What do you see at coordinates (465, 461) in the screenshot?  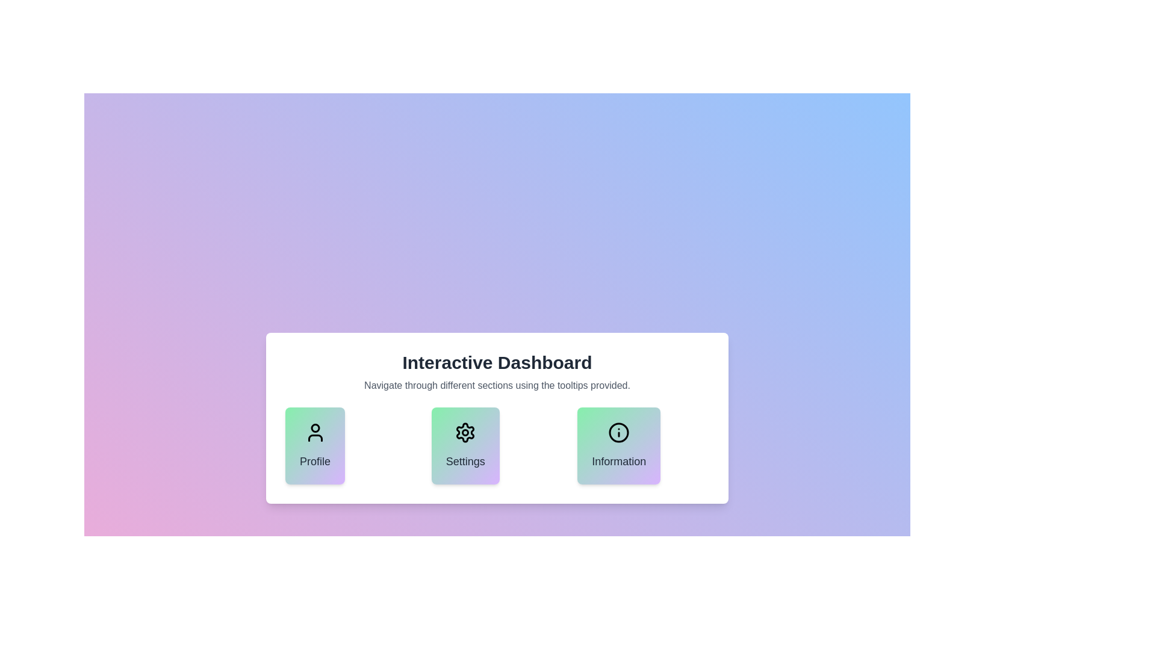 I see `the 'Settings' text label, which is styled with medium font weight and gray color, located at the bottom of the central interactive card under a gear icon in the 'Interactive Dashboard'` at bounding box center [465, 461].